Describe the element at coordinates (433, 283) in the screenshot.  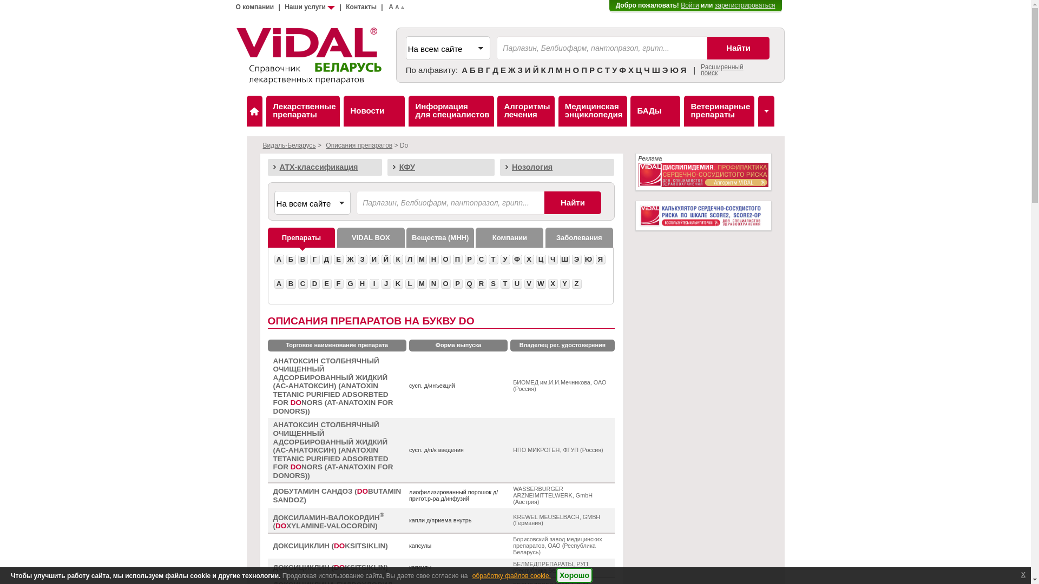
I see `'N'` at that location.